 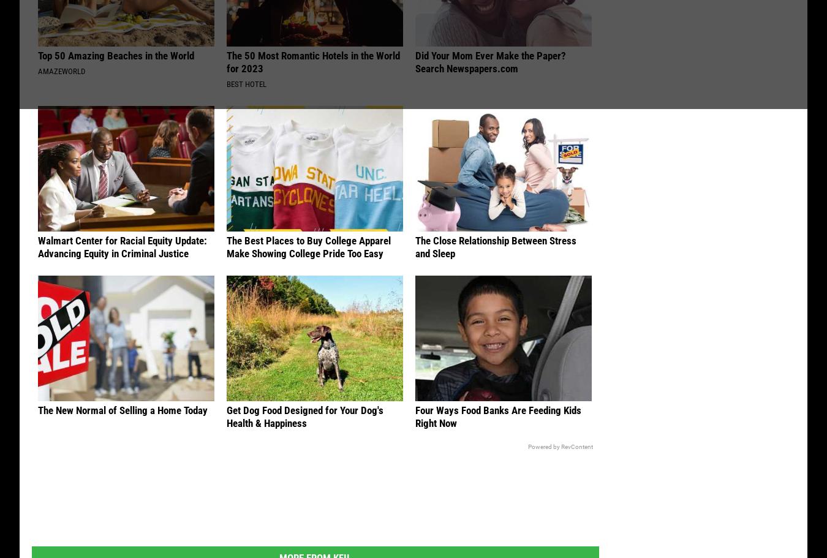 I want to click on 'The Close Relationship Between Stress and Sleep', so click(x=496, y=247).